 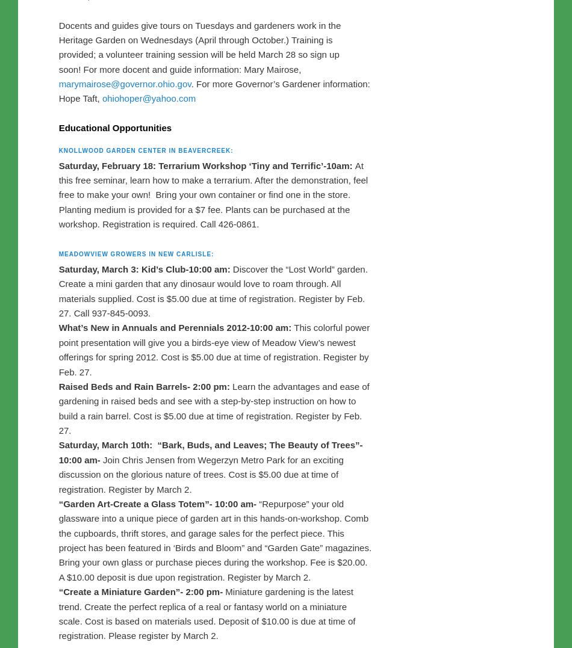 What do you see at coordinates (210, 481) in the screenshot?
I see `'“Bark, Buds, and Leaves; The Beauty of Trees”- 10:00 am-'` at bounding box center [210, 481].